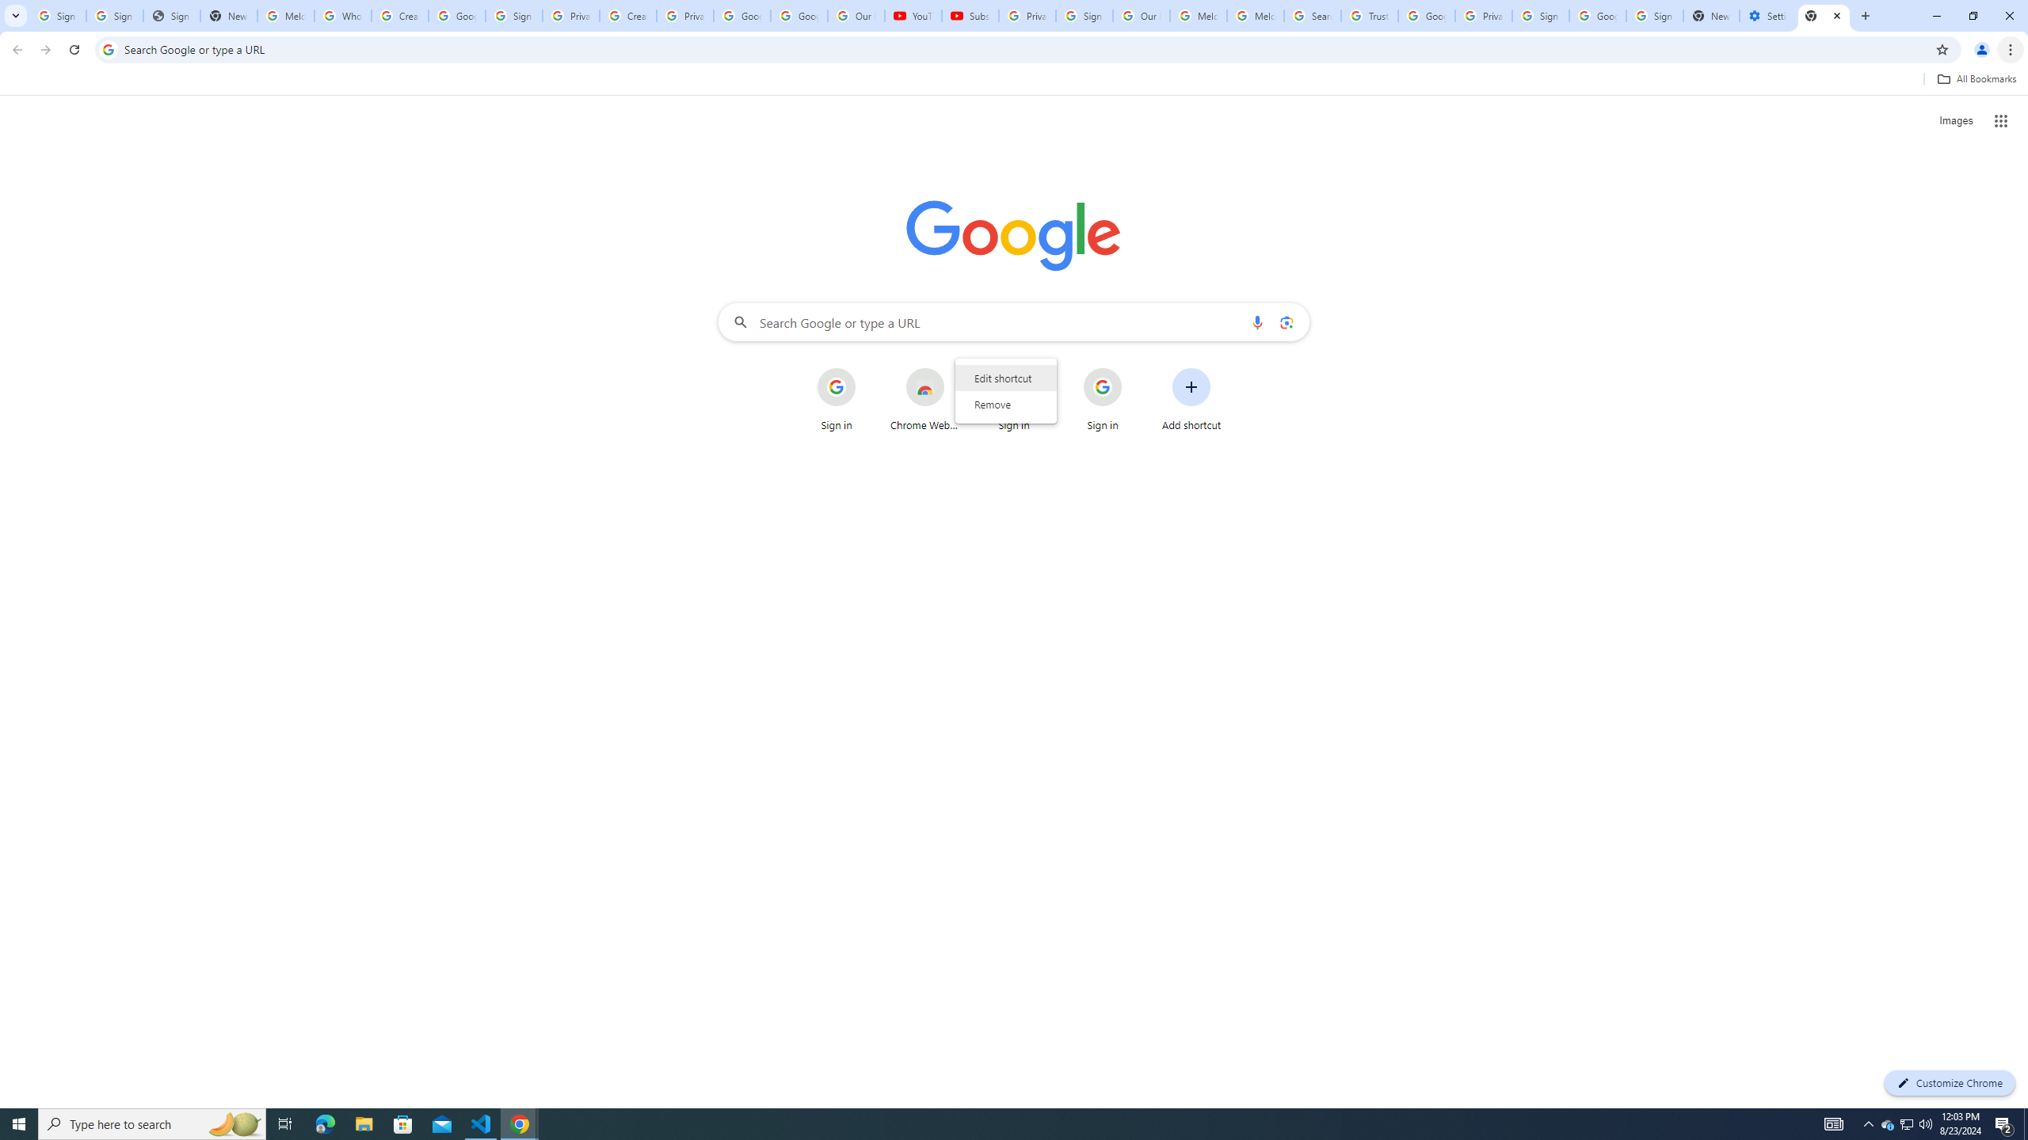 This screenshot has height=1140, width=2028. What do you see at coordinates (342, 15) in the screenshot?
I see `'Who is my administrator? - Google Account Help'` at bounding box center [342, 15].